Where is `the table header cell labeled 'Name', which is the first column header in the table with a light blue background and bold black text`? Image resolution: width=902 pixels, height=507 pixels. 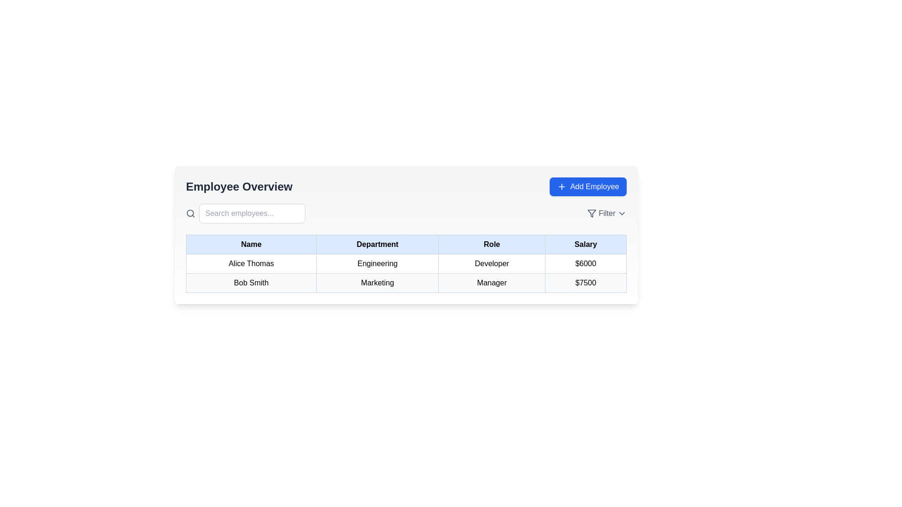 the table header cell labeled 'Name', which is the first column header in the table with a light blue background and bold black text is located at coordinates (251, 244).